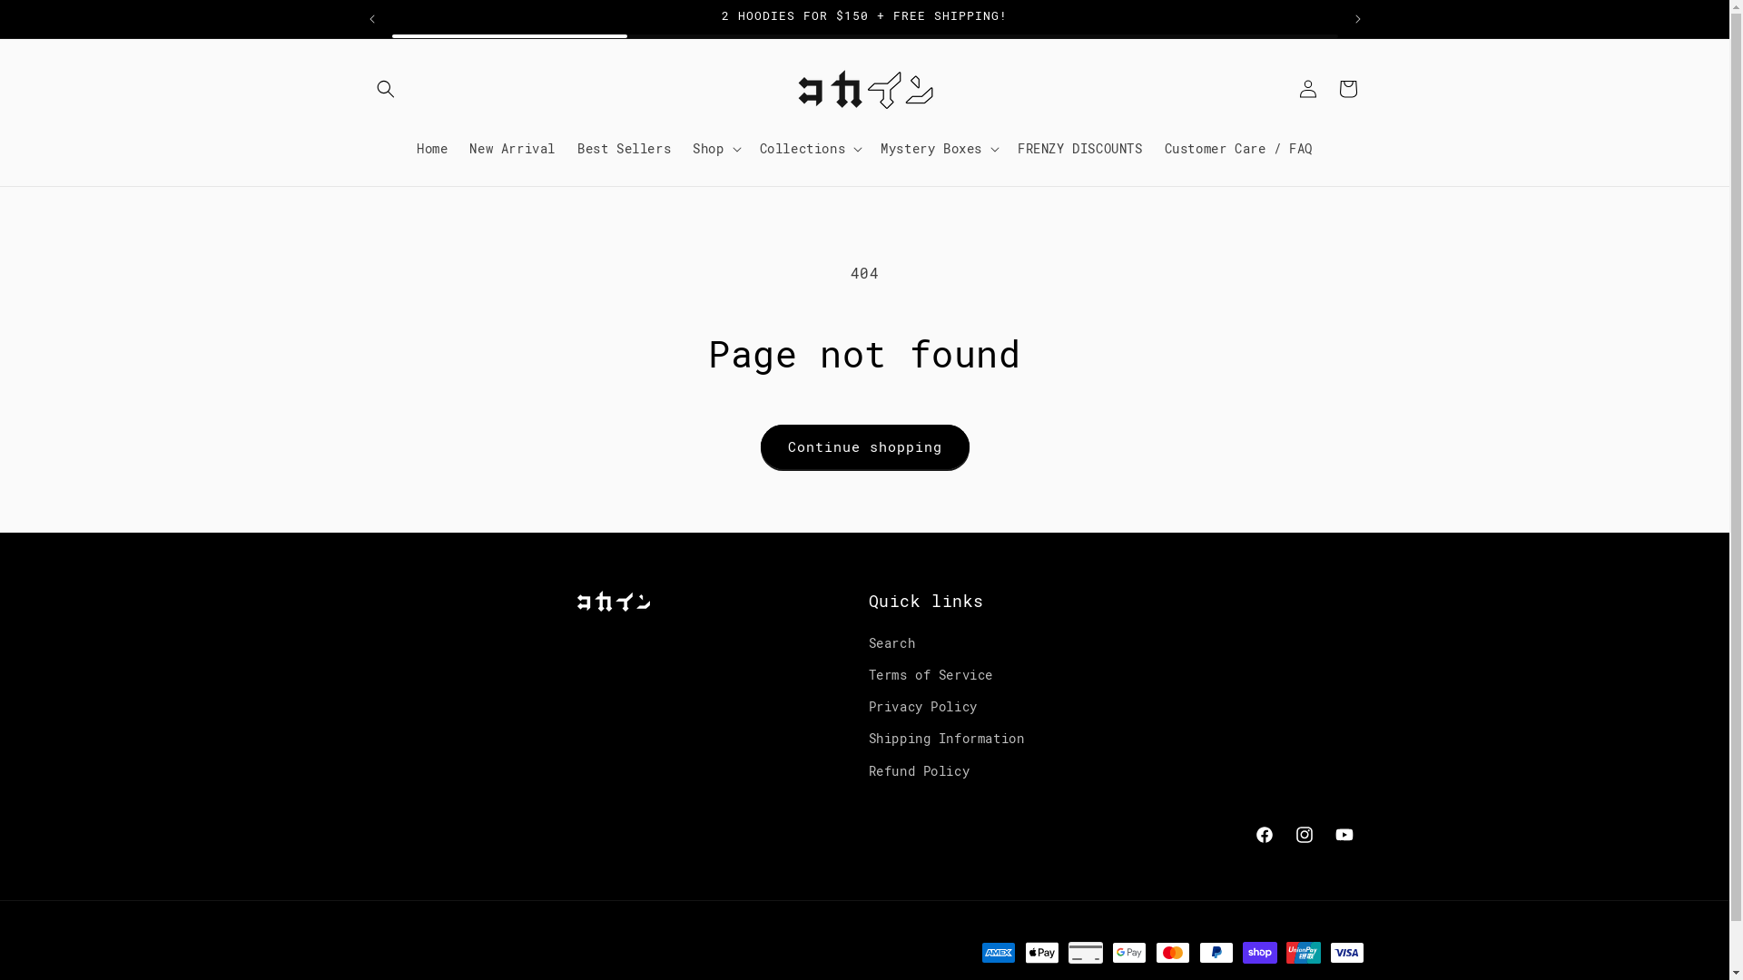  What do you see at coordinates (511, 146) in the screenshot?
I see `'New Arrival'` at bounding box center [511, 146].